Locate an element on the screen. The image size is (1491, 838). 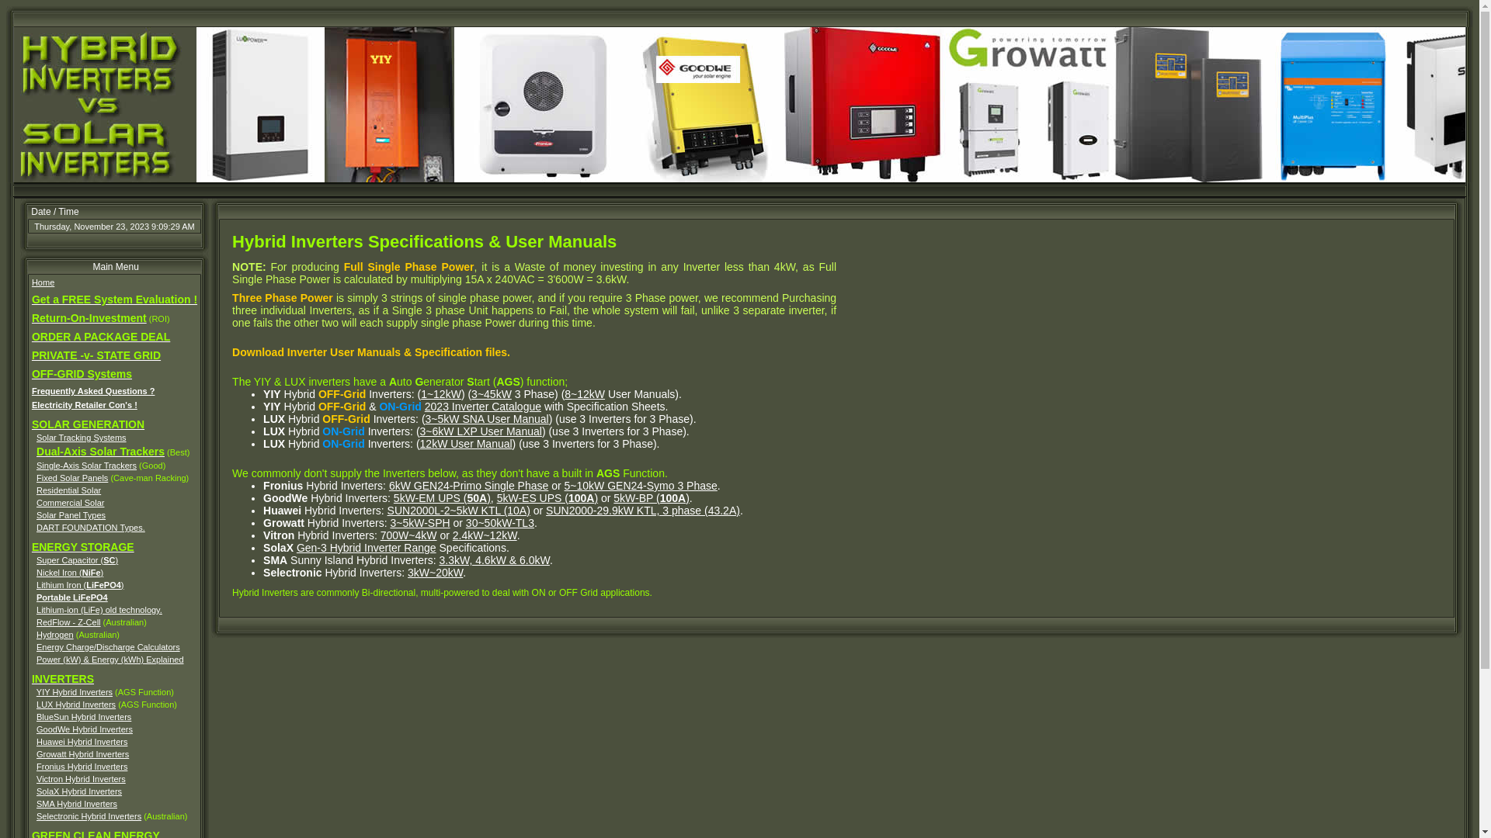
'SUN2000L-2~5kW KTL (10A)' is located at coordinates (457, 511).